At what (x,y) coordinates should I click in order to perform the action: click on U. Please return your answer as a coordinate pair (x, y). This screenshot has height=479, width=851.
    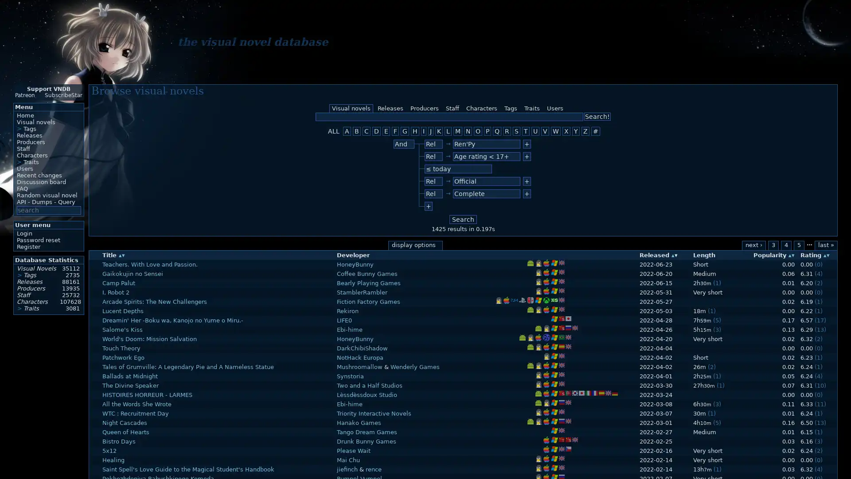
    Looking at the image, I should click on (535, 131).